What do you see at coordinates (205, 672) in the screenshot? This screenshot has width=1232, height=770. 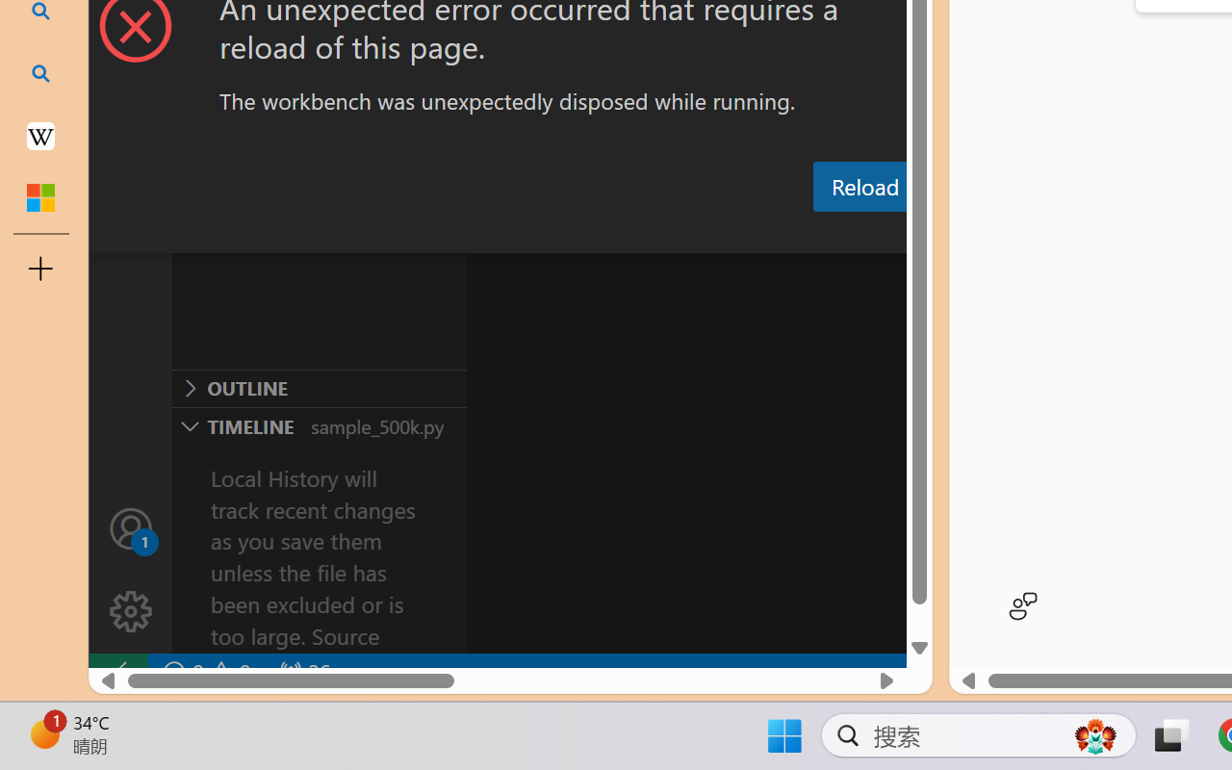 I see `'No Problems'` at bounding box center [205, 672].